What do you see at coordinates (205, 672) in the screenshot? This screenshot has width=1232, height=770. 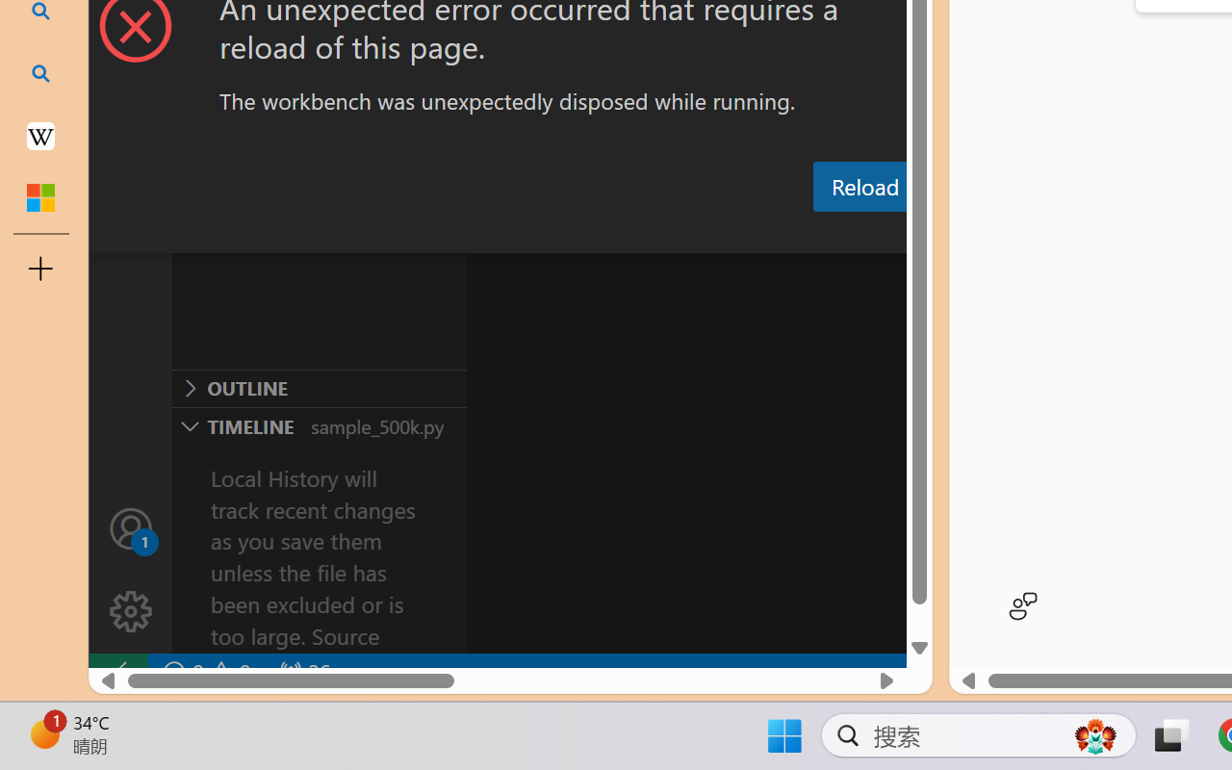 I see `'No Problems'` at bounding box center [205, 672].